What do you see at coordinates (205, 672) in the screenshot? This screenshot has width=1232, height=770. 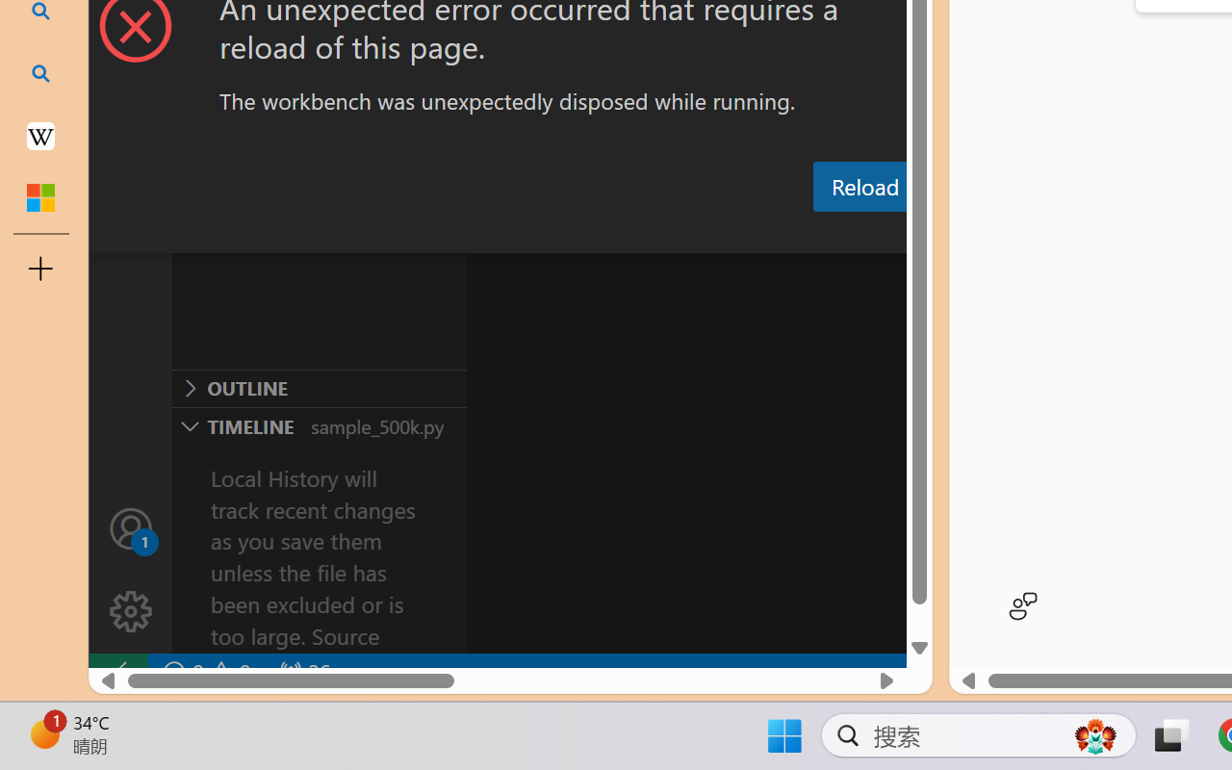 I see `'No Problems'` at bounding box center [205, 672].